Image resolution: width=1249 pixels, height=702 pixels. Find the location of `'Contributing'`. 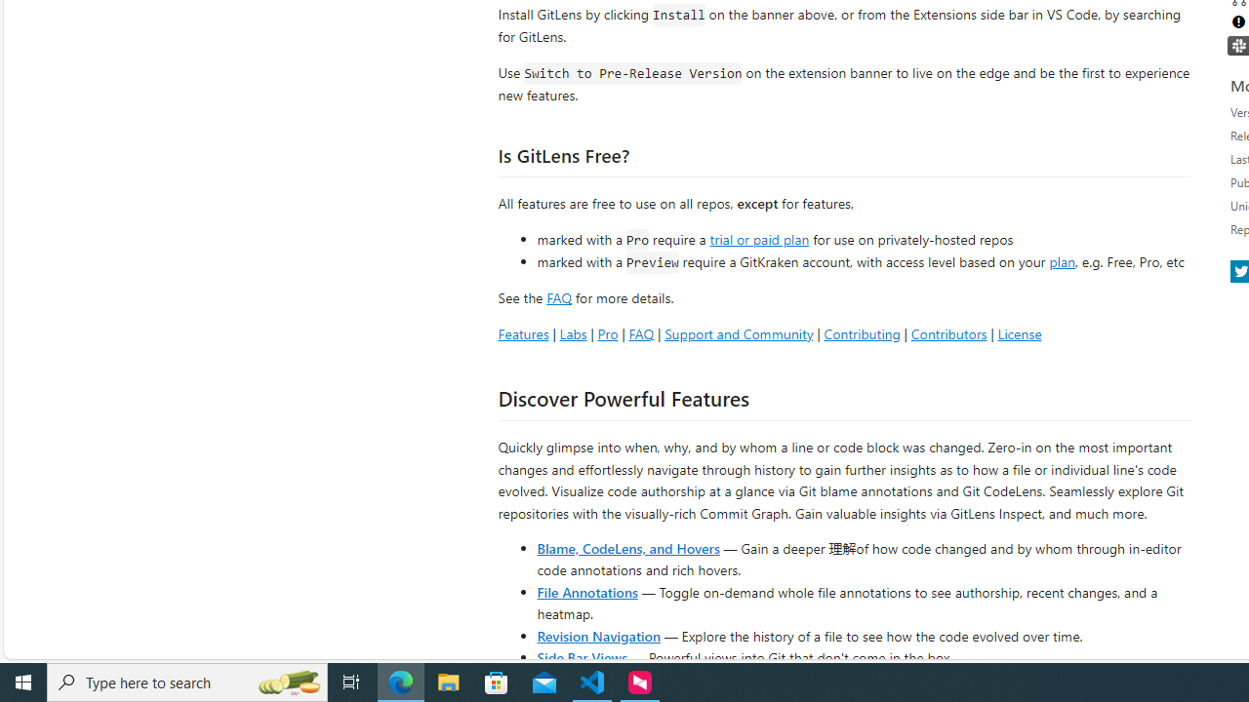

'Contributing' is located at coordinates (861, 332).